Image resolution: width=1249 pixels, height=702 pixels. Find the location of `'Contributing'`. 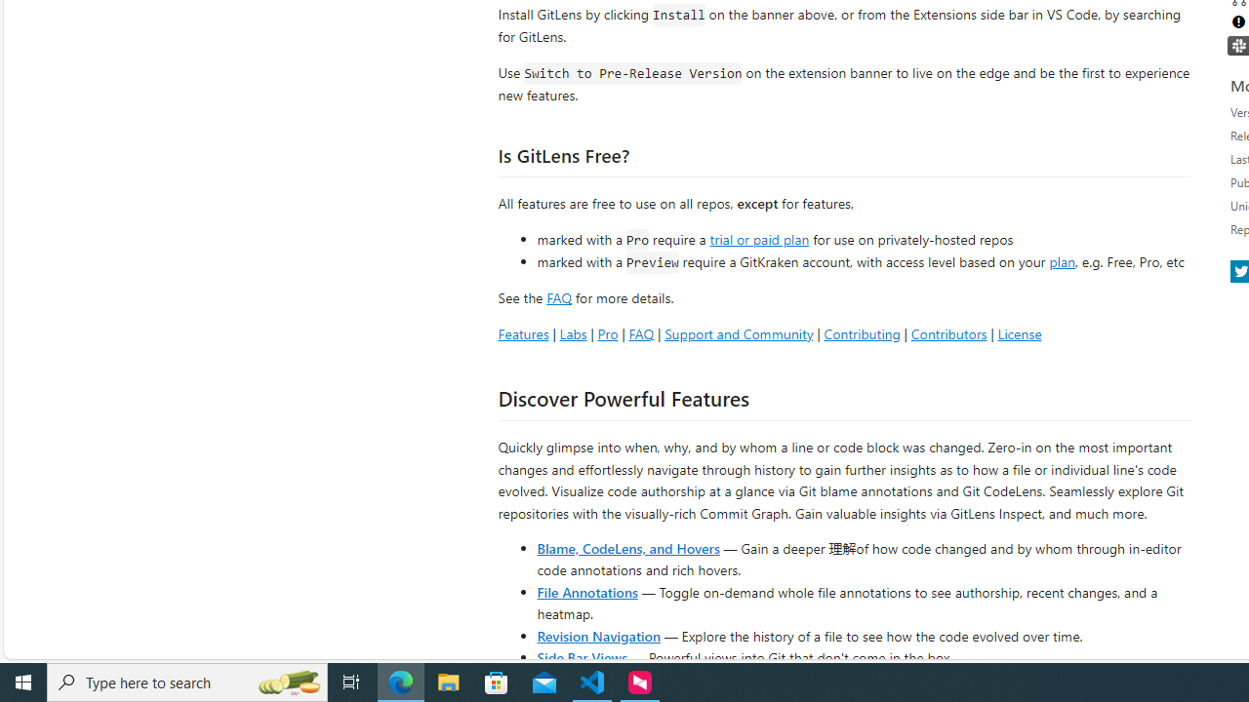

'Contributing' is located at coordinates (861, 332).